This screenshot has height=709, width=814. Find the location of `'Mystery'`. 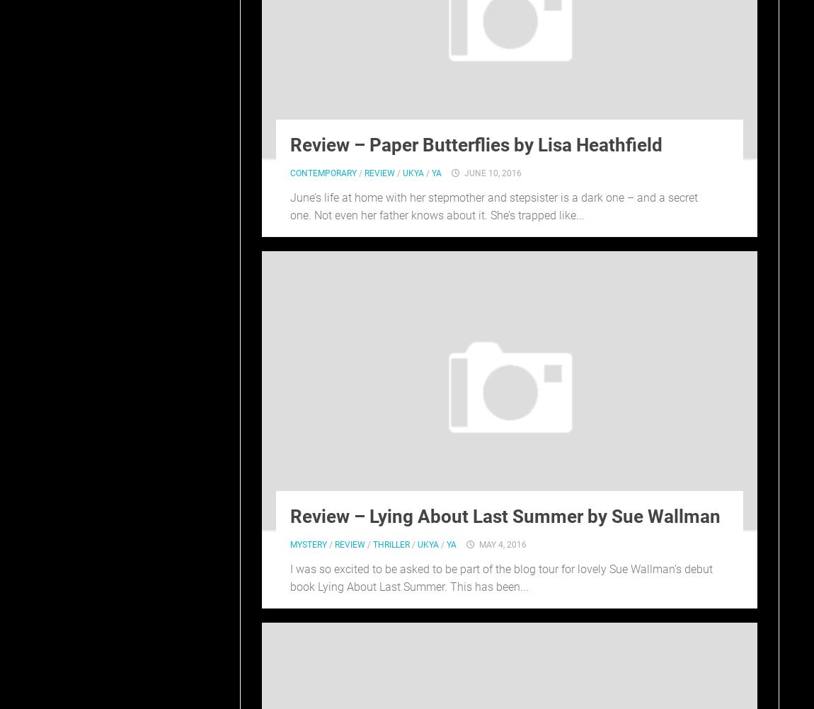

'Mystery' is located at coordinates (290, 543).